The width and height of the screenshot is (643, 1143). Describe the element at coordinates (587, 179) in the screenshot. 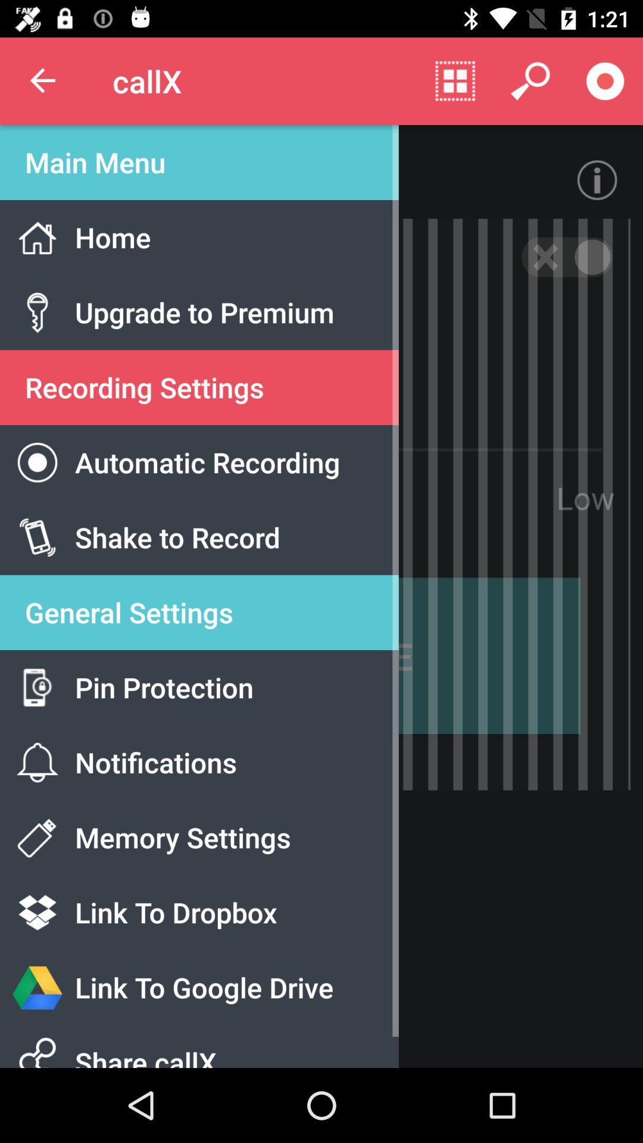

I see `the info icon` at that location.